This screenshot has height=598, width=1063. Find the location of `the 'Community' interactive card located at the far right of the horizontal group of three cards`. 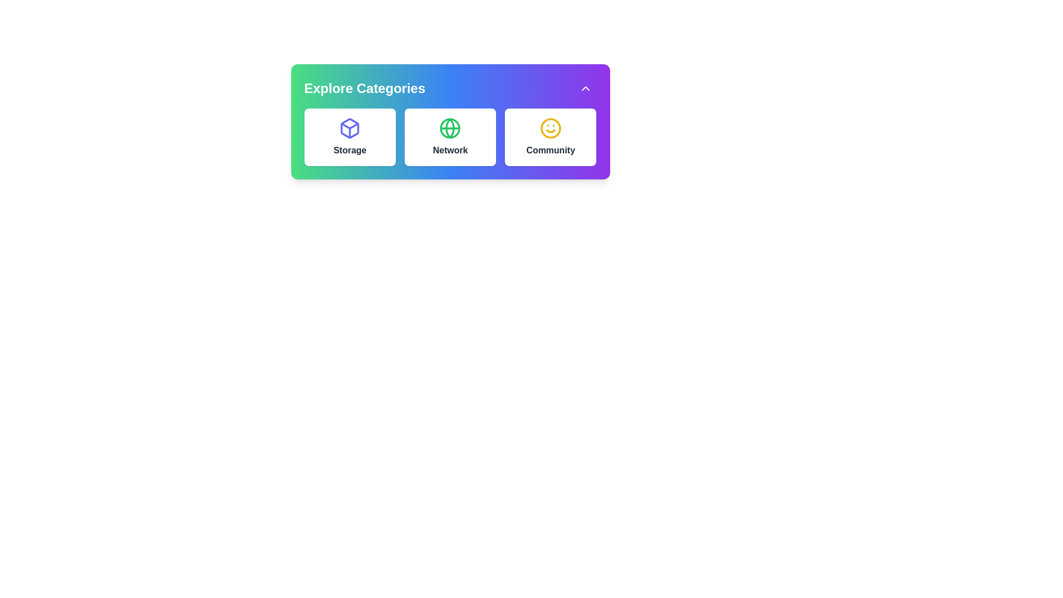

the 'Community' interactive card located at the far right of the horizontal group of three cards is located at coordinates (550, 136).